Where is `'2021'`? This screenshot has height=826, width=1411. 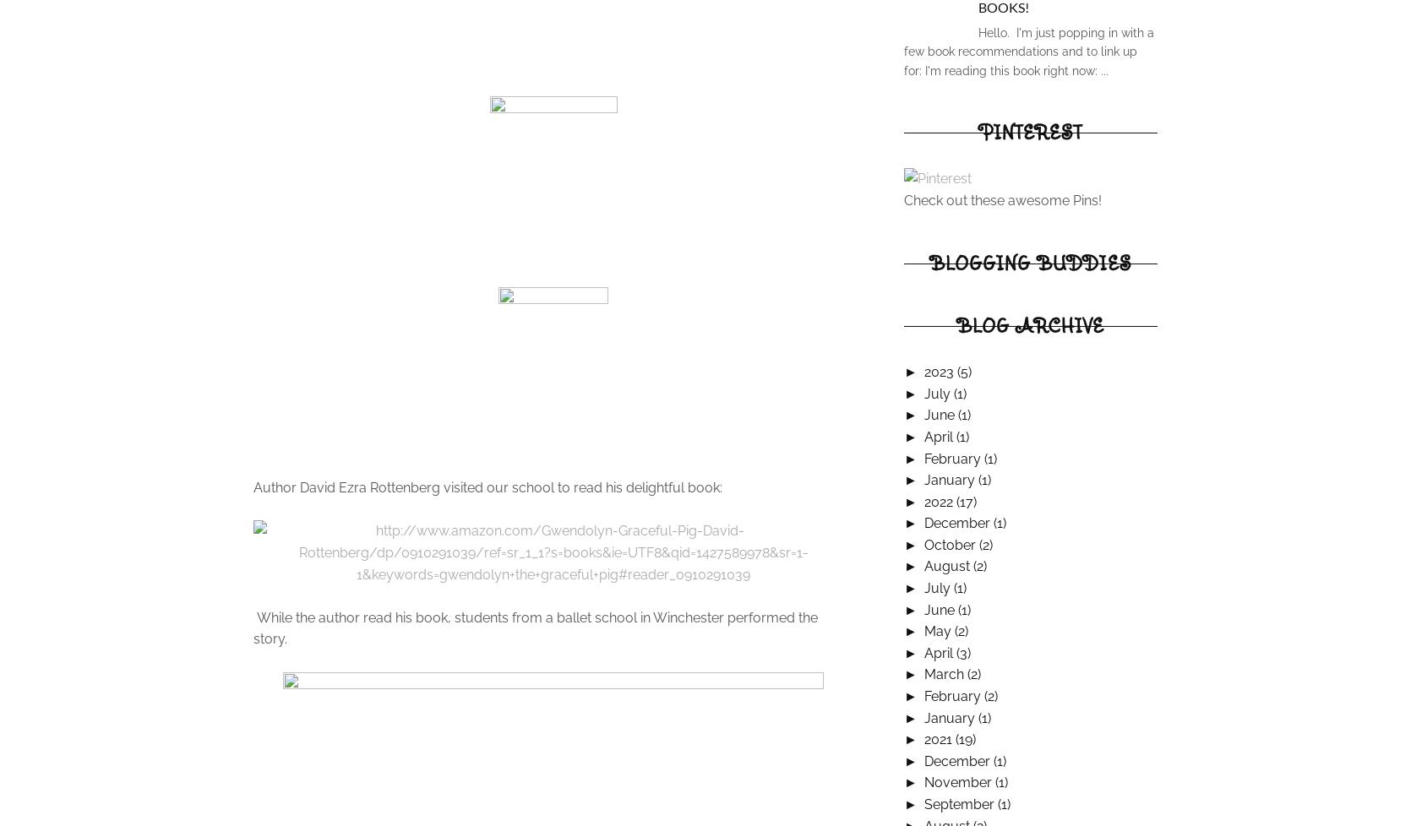 '2021' is located at coordinates (938, 738).